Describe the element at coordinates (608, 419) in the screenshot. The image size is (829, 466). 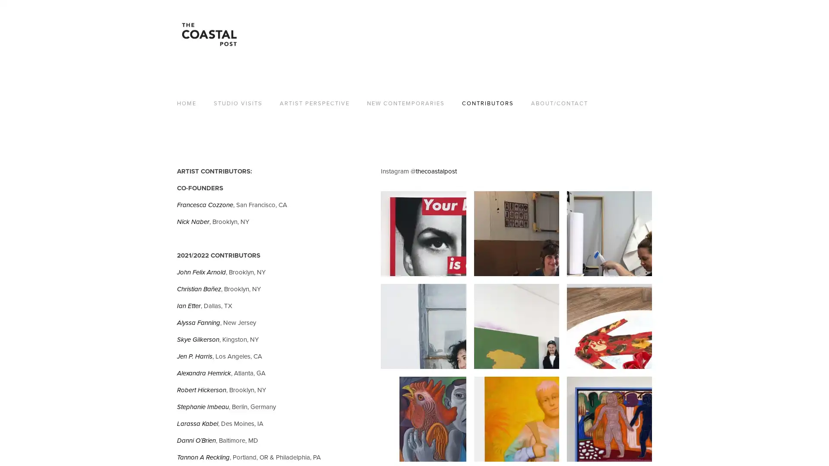
I see `View fullsize A main feed roundup of NADA NY @newartdealers by Nick Naber @nicknaber &bull;&bull; Sophie Larrimore in The Pit&rsquo;s booth @sophielarrimore @thepitla #sophielarrimore #thepitla #nadany #thecoastalpost` at that location.